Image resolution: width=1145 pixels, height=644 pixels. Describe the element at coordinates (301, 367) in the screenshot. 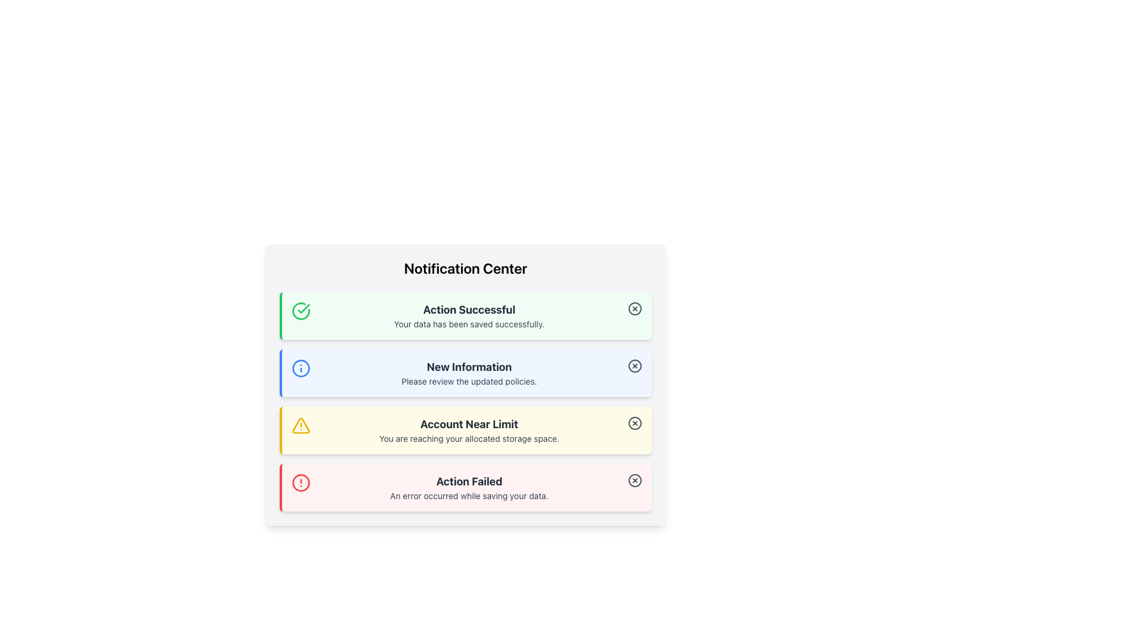

I see `the informational icon with a lowercase 'i' in a blue circular shape located to the left of the text 'New Information' in the second notification of the notification center` at that location.